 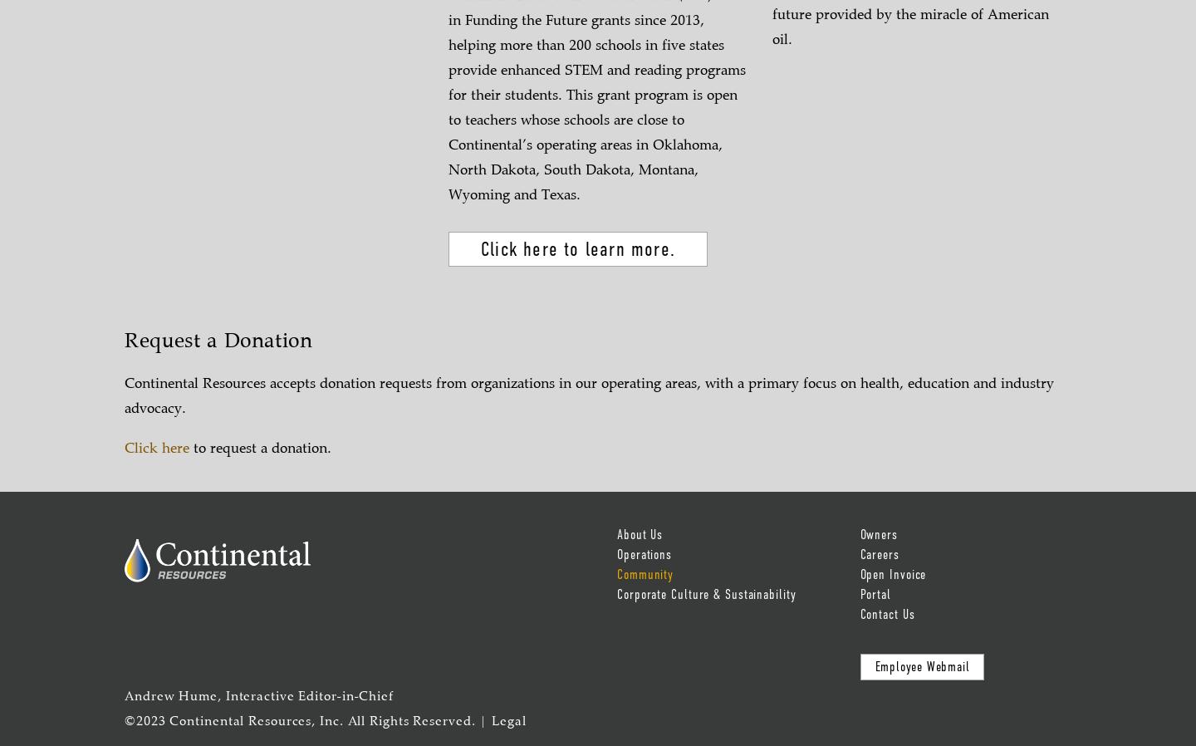 What do you see at coordinates (259, 697) in the screenshot?
I see `'Andrew Hume, Interactive Editor-in-Chief'` at bounding box center [259, 697].